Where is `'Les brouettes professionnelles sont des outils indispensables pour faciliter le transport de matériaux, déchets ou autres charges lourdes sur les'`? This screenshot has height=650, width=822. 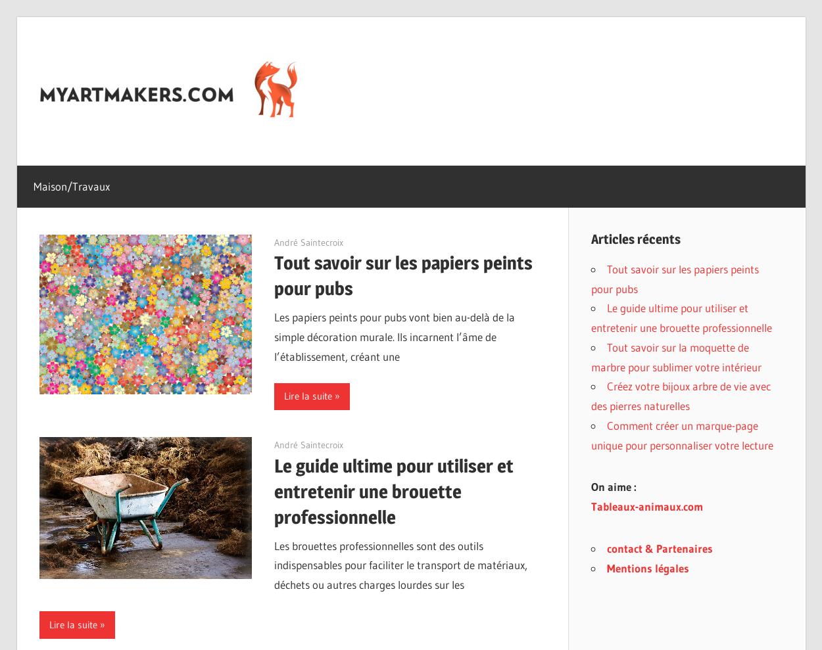 'Les brouettes professionnelles sont des outils indispensables pour faciliter le transport de matériaux, déchets ou autres charges lourdes sur les' is located at coordinates (400, 565).